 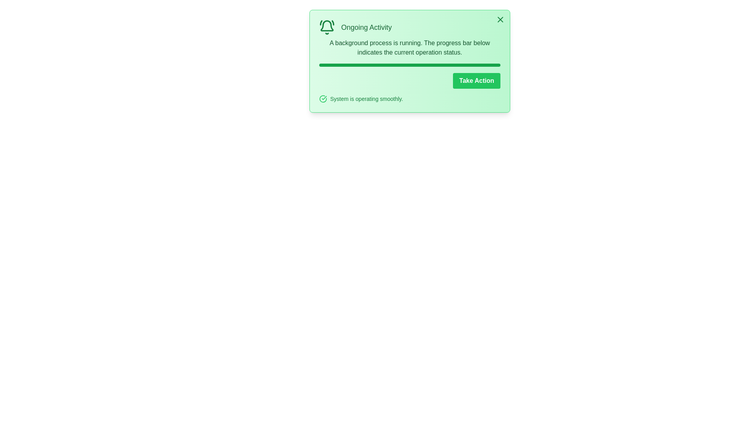 What do you see at coordinates (500, 19) in the screenshot?
I see `close button located at the top-right corner of the notification panel` at bounding box center [500, 19].